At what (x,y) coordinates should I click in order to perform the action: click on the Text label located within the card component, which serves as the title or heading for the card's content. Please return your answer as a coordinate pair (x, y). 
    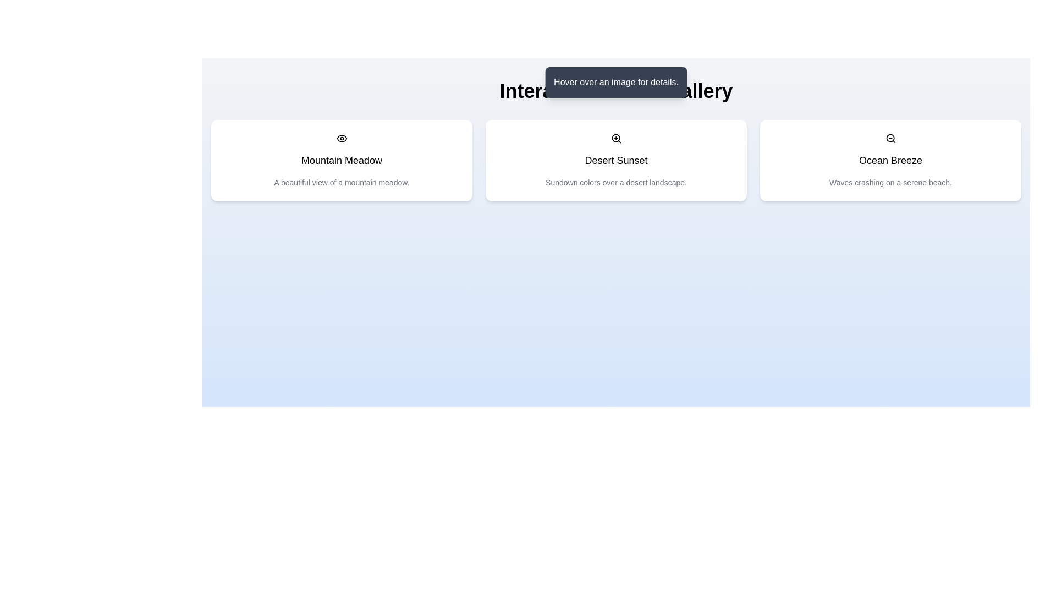
    Looking at the image, I should click on (341, 161).